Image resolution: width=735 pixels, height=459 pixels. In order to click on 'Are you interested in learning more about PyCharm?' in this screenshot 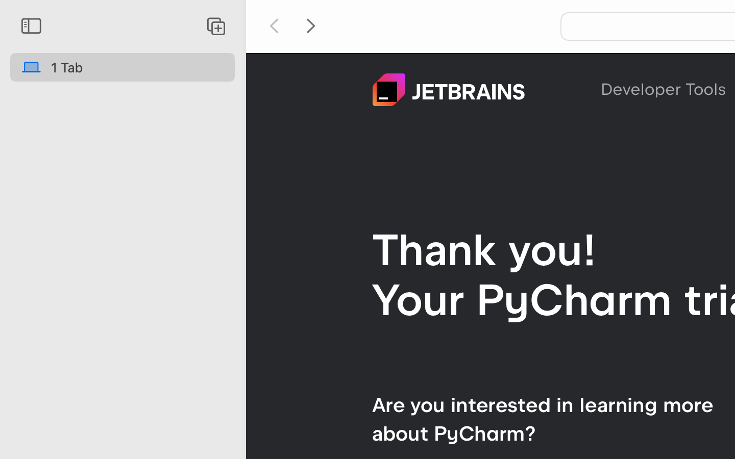, I will do `click(543, 419)`.